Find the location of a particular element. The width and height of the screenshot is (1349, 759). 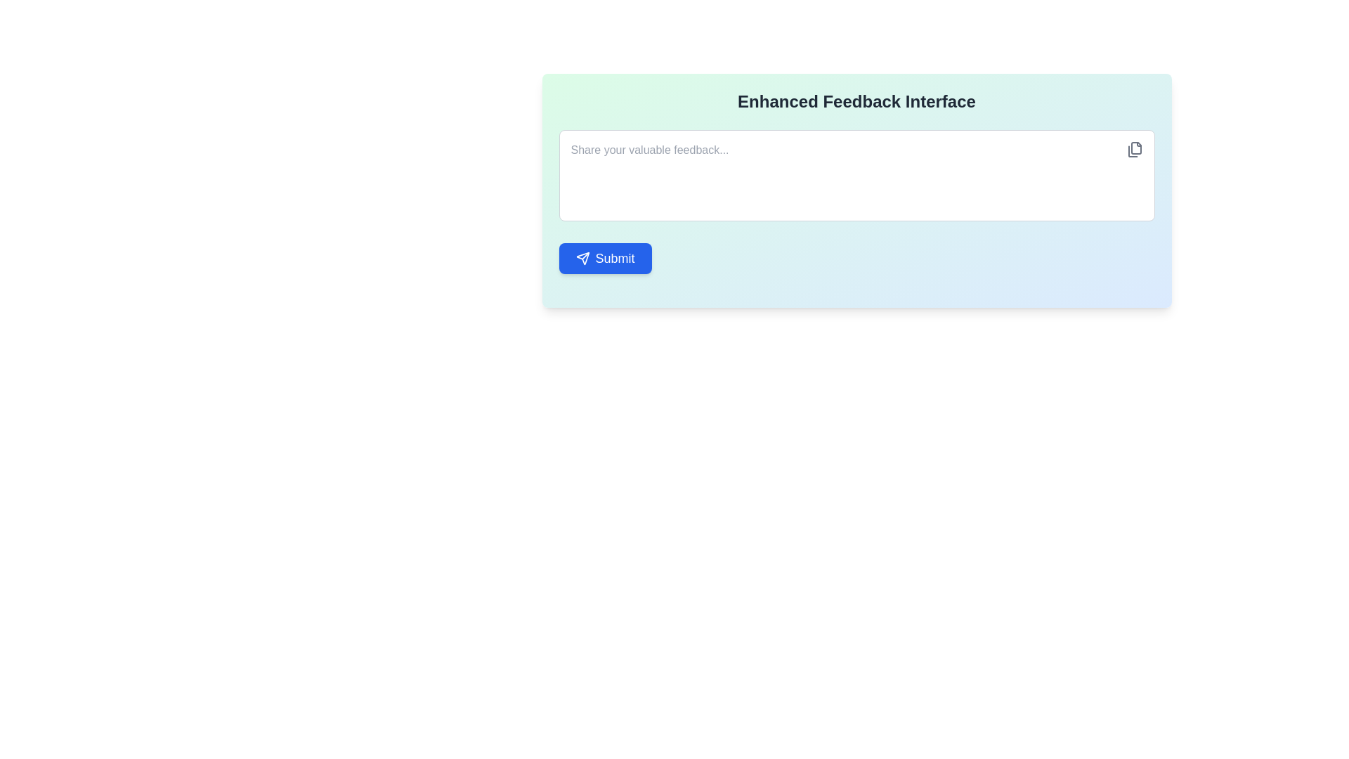

the file icon button located at the top-right corner of the feedback input area to change its color from gray to blue is located at coordinates (1135, 149).